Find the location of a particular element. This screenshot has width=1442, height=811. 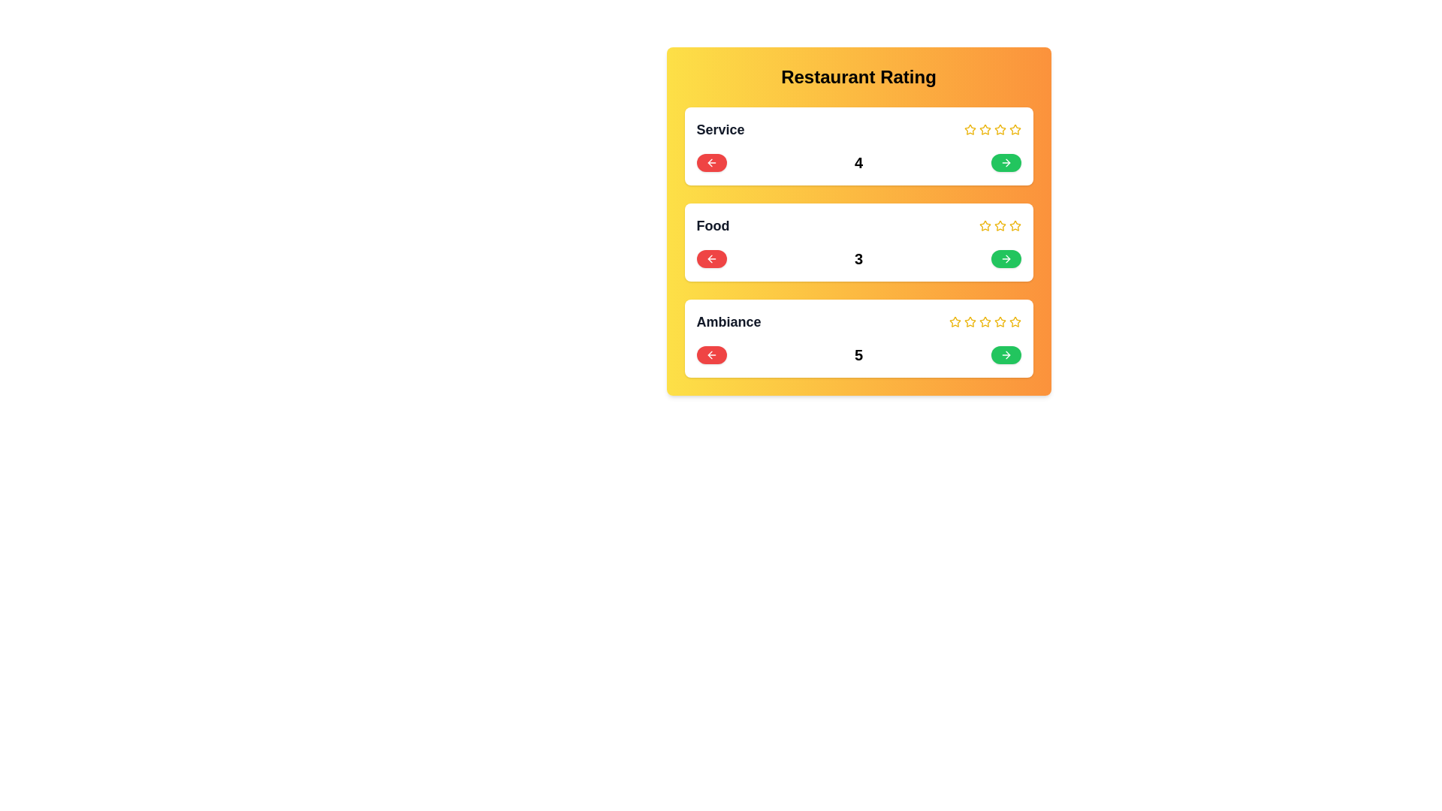

the third star icon with a yellow outline in the 'Ambiance' section of the 'Restaurant Rating' interface to interact with it is located at coordinates (970, 321).